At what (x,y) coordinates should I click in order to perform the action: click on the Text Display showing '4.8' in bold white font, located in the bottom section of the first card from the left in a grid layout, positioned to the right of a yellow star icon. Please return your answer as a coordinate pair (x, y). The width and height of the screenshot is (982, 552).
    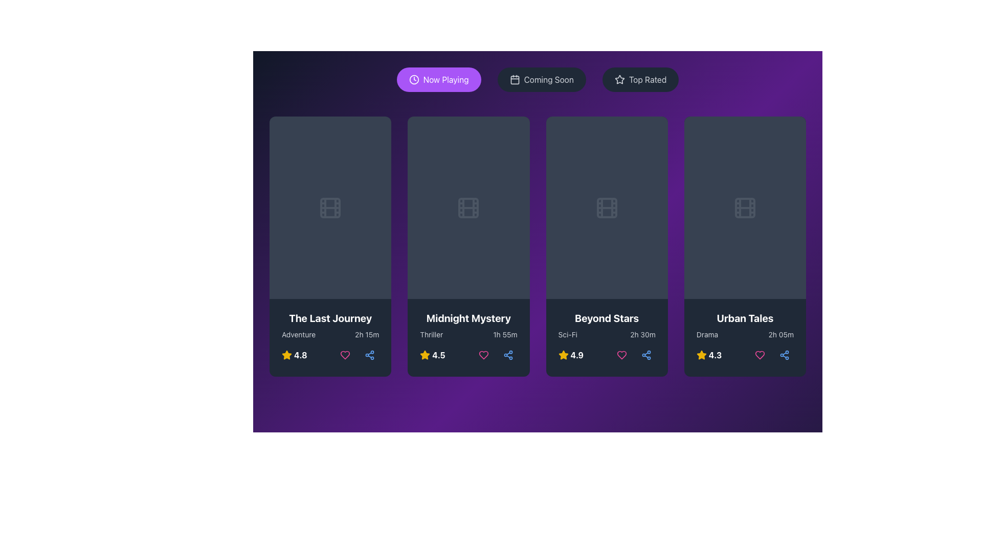
    Looking at the image, I should click on (300, 355).